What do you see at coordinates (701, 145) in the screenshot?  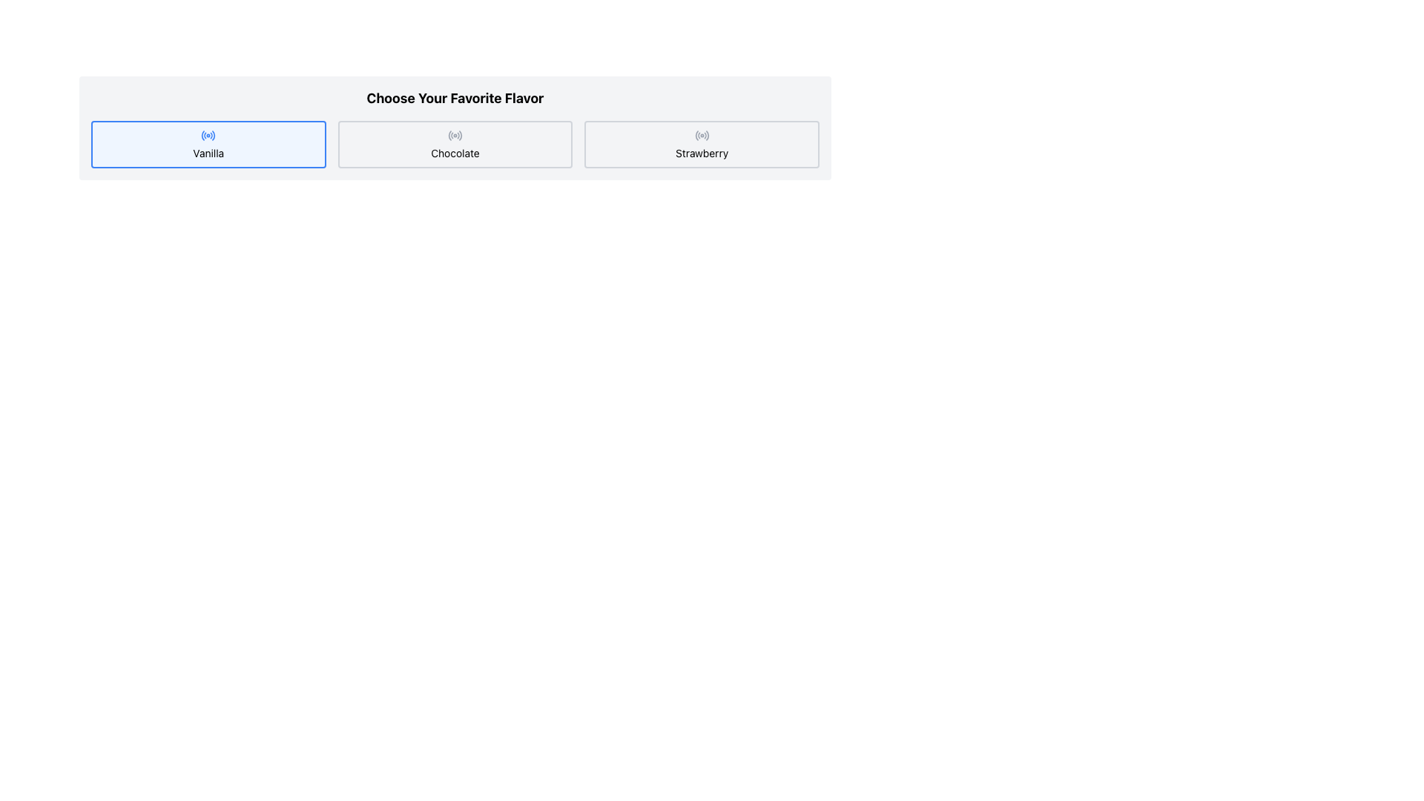 I see `the 'Strawberry' selectable button, which is the rightmost option in a horizontal layout of three buttons, featuring a circular radio icon and a gray border` at bounding box center [701, 145].